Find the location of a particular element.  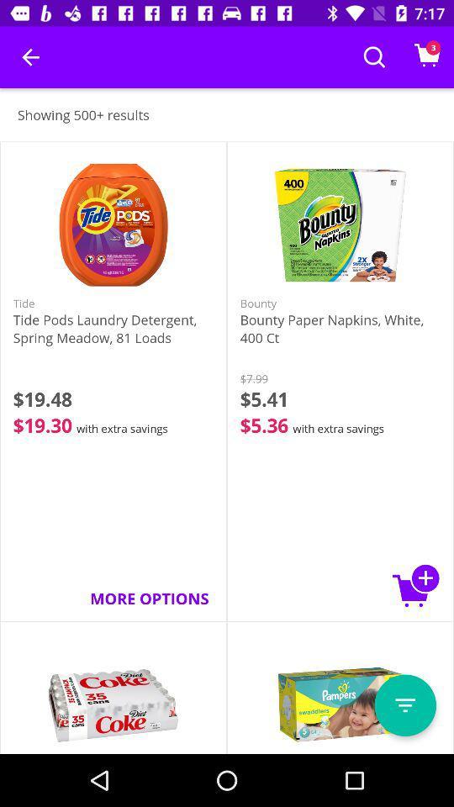

to cart icon is located at coordinates (415, 585).